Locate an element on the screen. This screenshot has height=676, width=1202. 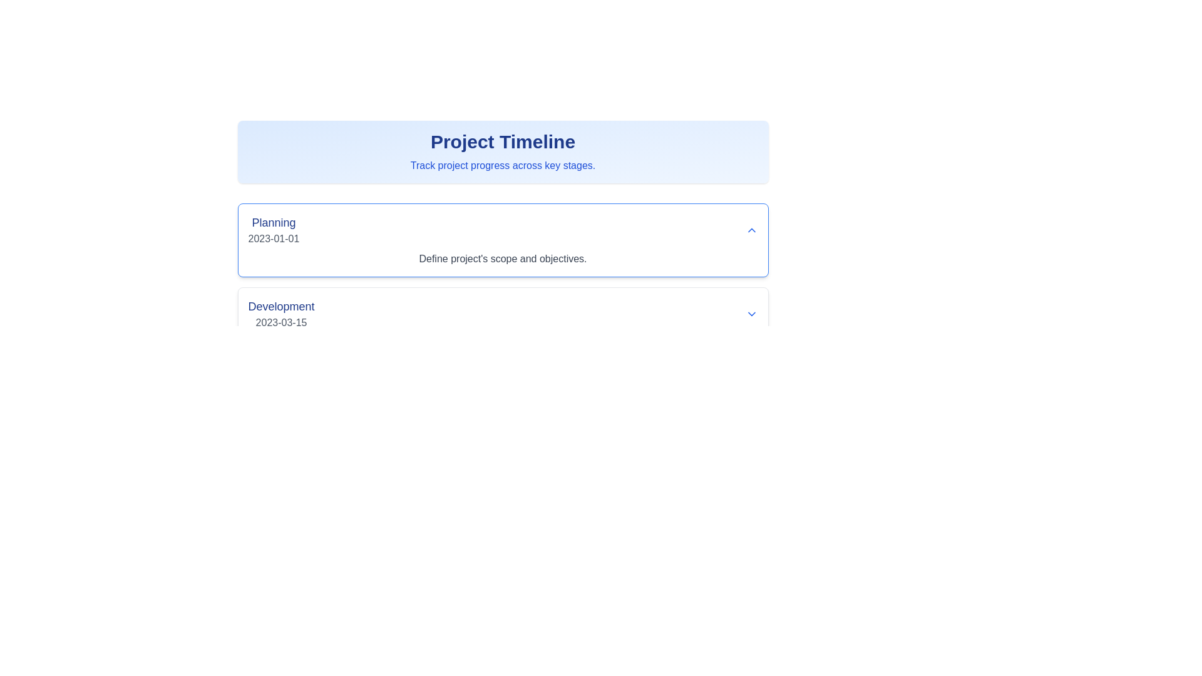
text from the Text Label displaying '2023-03-15', which is styled in gray and located directly below the 'Development' text is located at coordinates (280, 322).